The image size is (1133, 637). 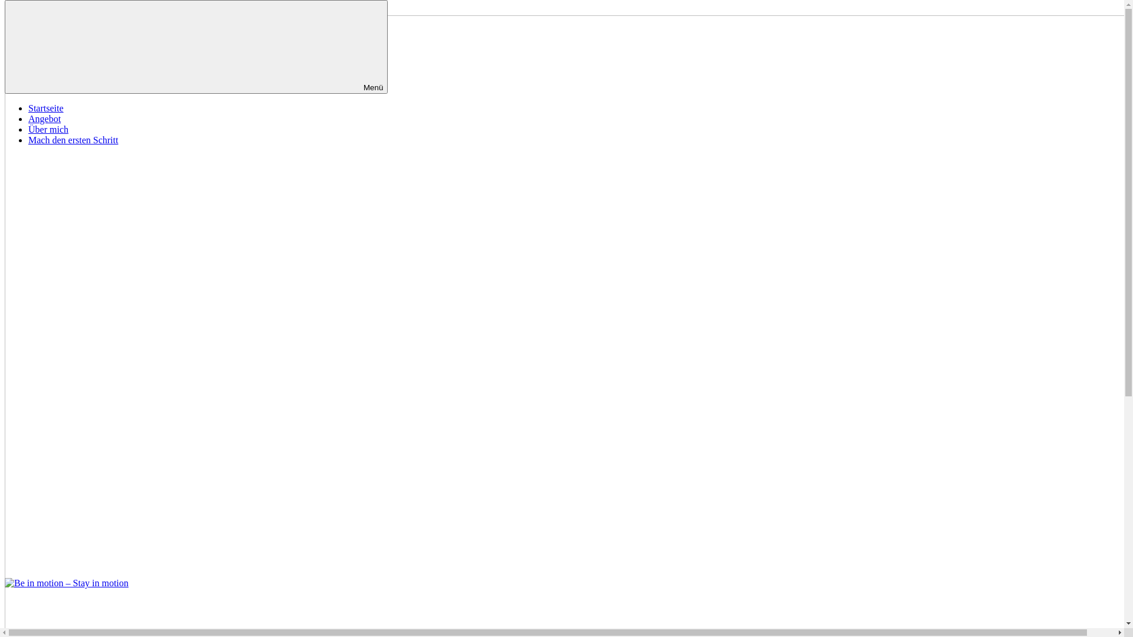 I want to click on 'Mach den ersten Schritt', so click(x=73, y=139).